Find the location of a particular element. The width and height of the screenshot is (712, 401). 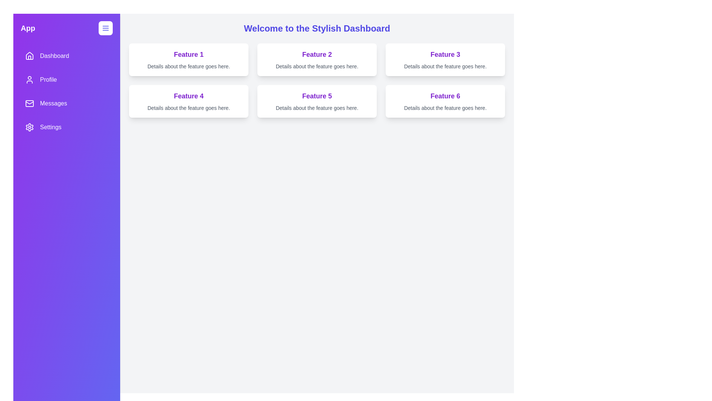

text label that displays 'Details about the feature goes here.' located below the 'Feature 1' heading in the top row, leftmost column of the grid layout is located at coordinates (188, 66).